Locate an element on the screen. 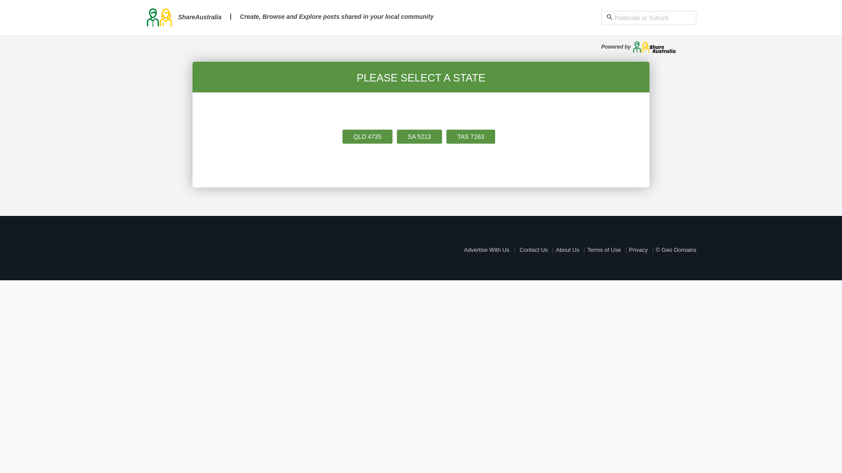  'SA 5213' is located at coordinates (396, 137).